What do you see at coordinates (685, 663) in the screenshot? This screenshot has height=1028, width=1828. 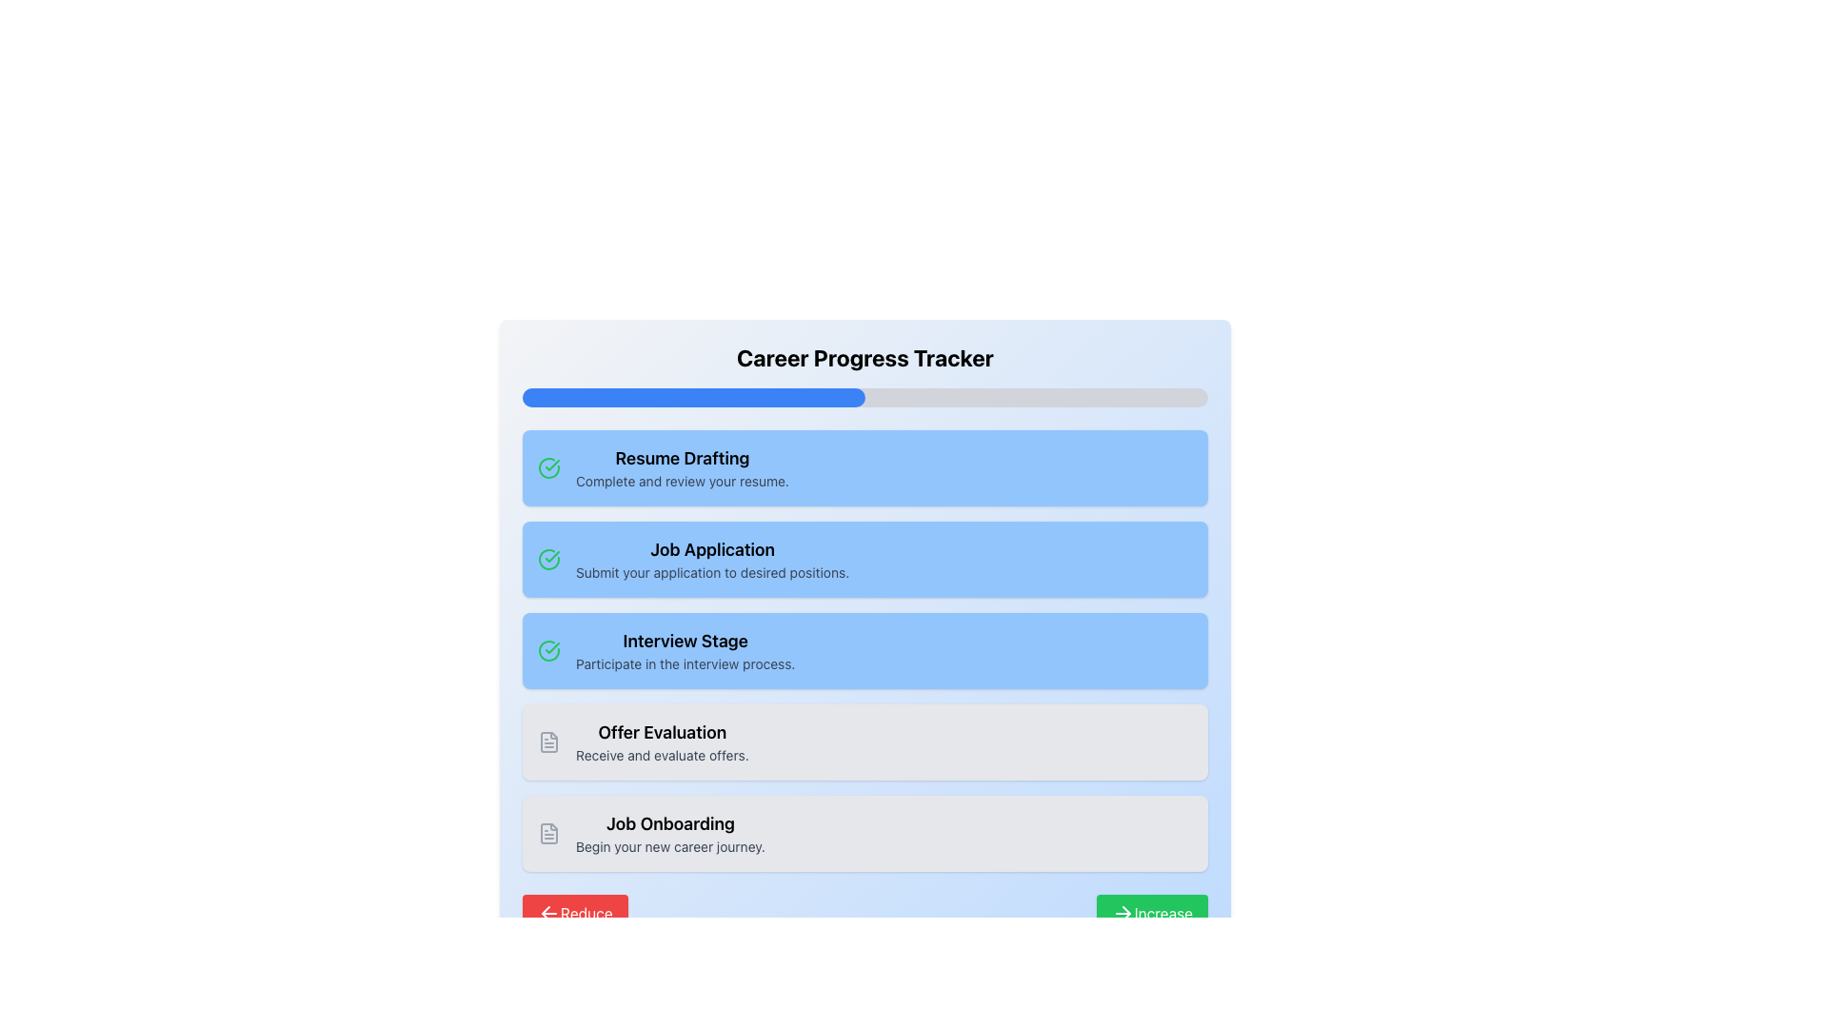 I see `the Text Label containing the text 'Participate in the interview process.' which is positioned below the 'Interview Stage' heading within a light blue box` at bounding box center [685, 663].